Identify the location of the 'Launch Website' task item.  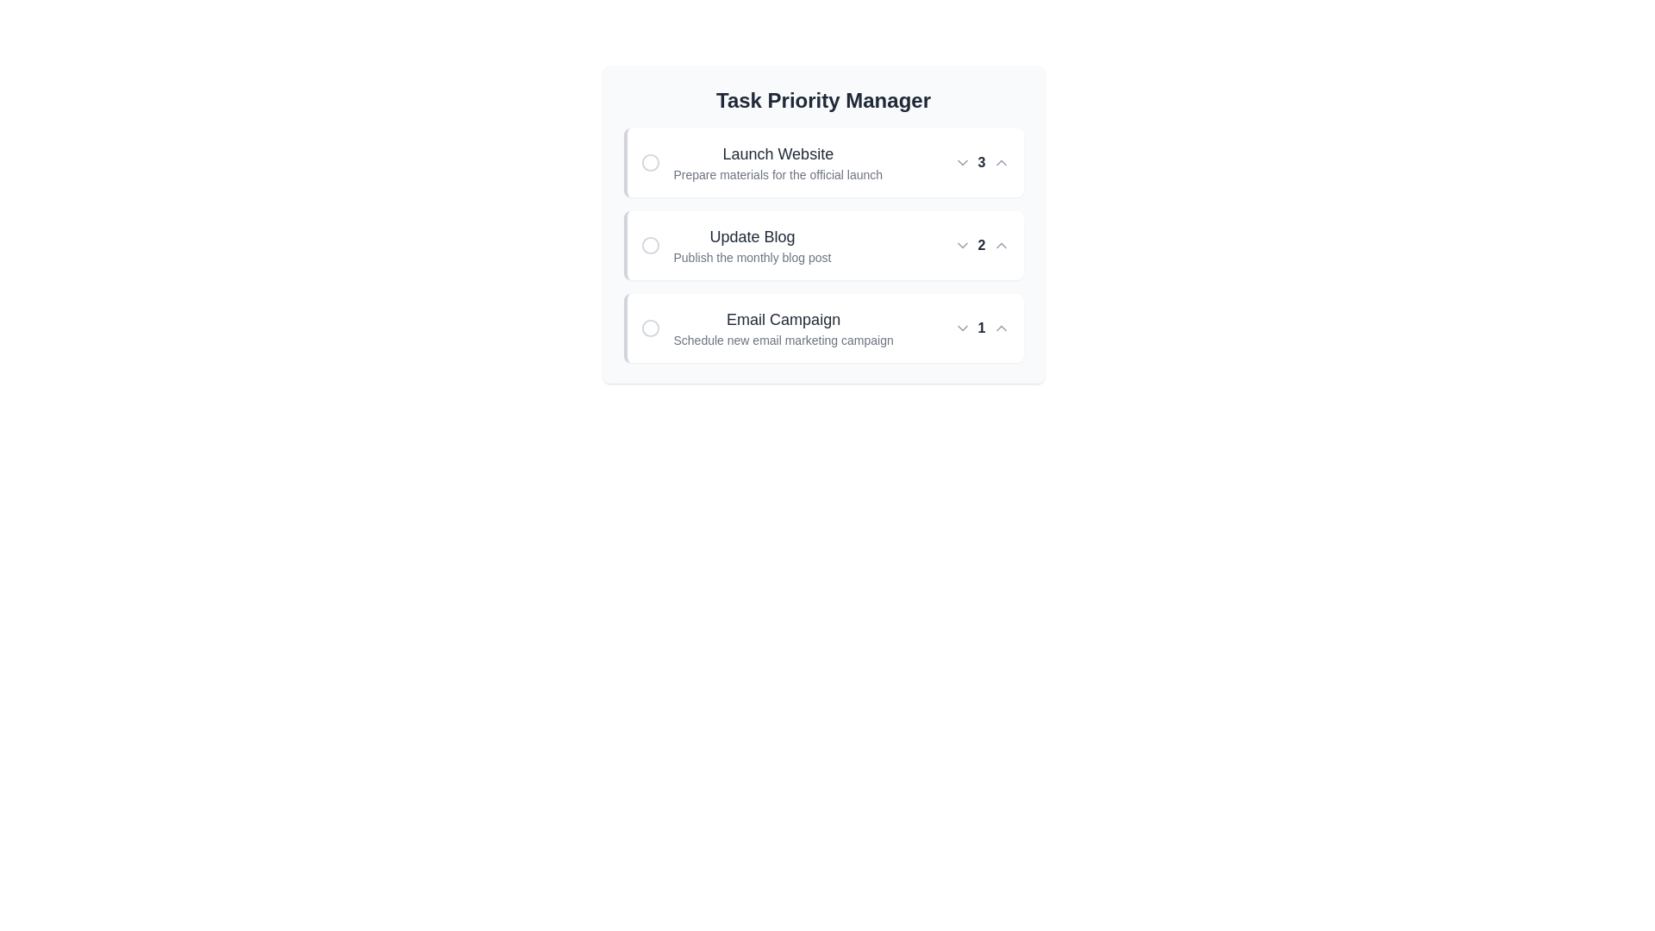
(760, 163).